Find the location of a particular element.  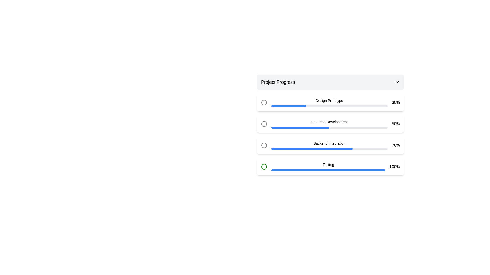

progress value from the Progress Bar that visually represents approximately 70% completion of the 'Backend Integration' task, located below the 'Backend Integration' label and above the 'Testing' label is located at coordinates (312, 149).